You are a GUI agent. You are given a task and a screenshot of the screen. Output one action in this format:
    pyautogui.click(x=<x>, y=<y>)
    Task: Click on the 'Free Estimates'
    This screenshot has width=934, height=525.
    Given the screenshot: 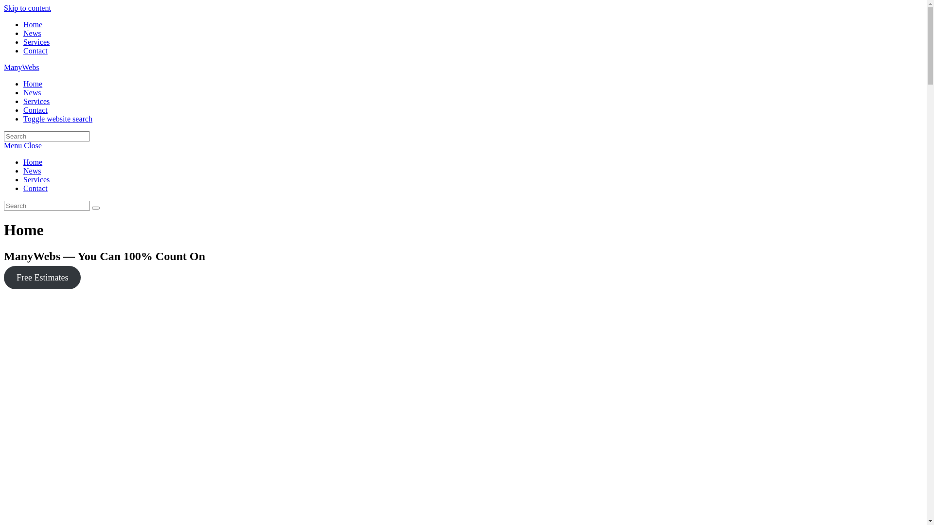 What is the action you would take?
    pyautogui.click(x=41, y=277)
    